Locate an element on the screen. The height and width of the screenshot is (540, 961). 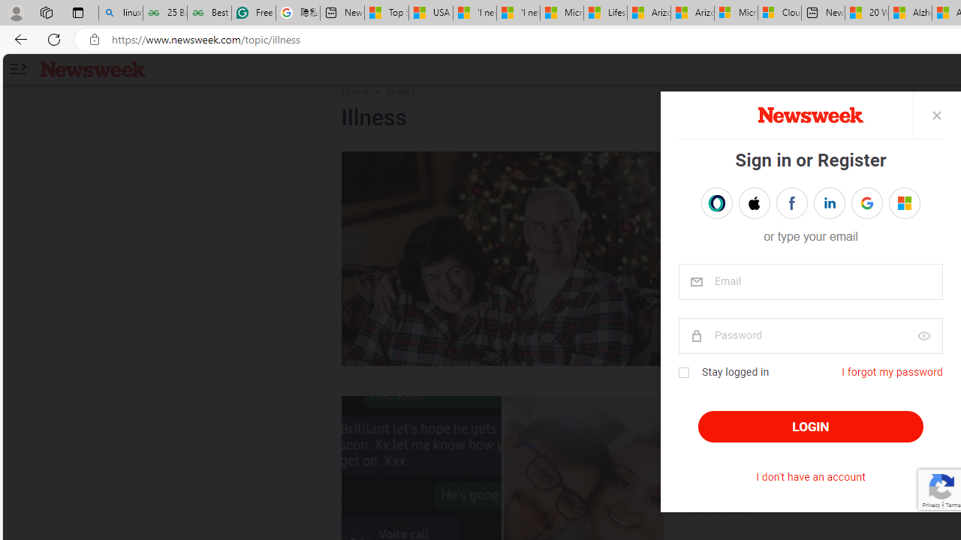
'New tab' is located at coordinates (822, 13).